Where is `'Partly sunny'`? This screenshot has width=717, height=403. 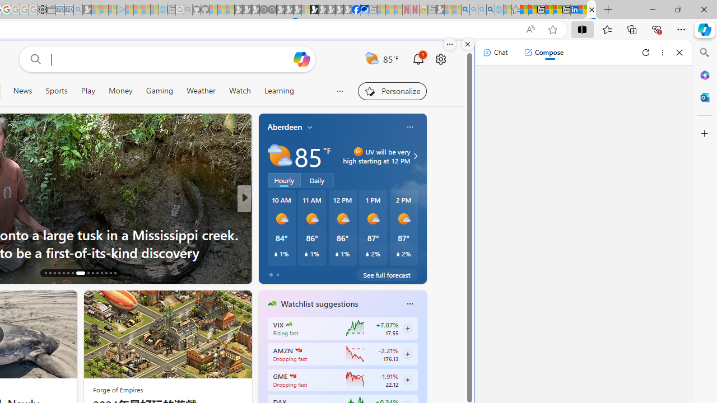 'Partly sunny' is located at coordinates (280, 156).